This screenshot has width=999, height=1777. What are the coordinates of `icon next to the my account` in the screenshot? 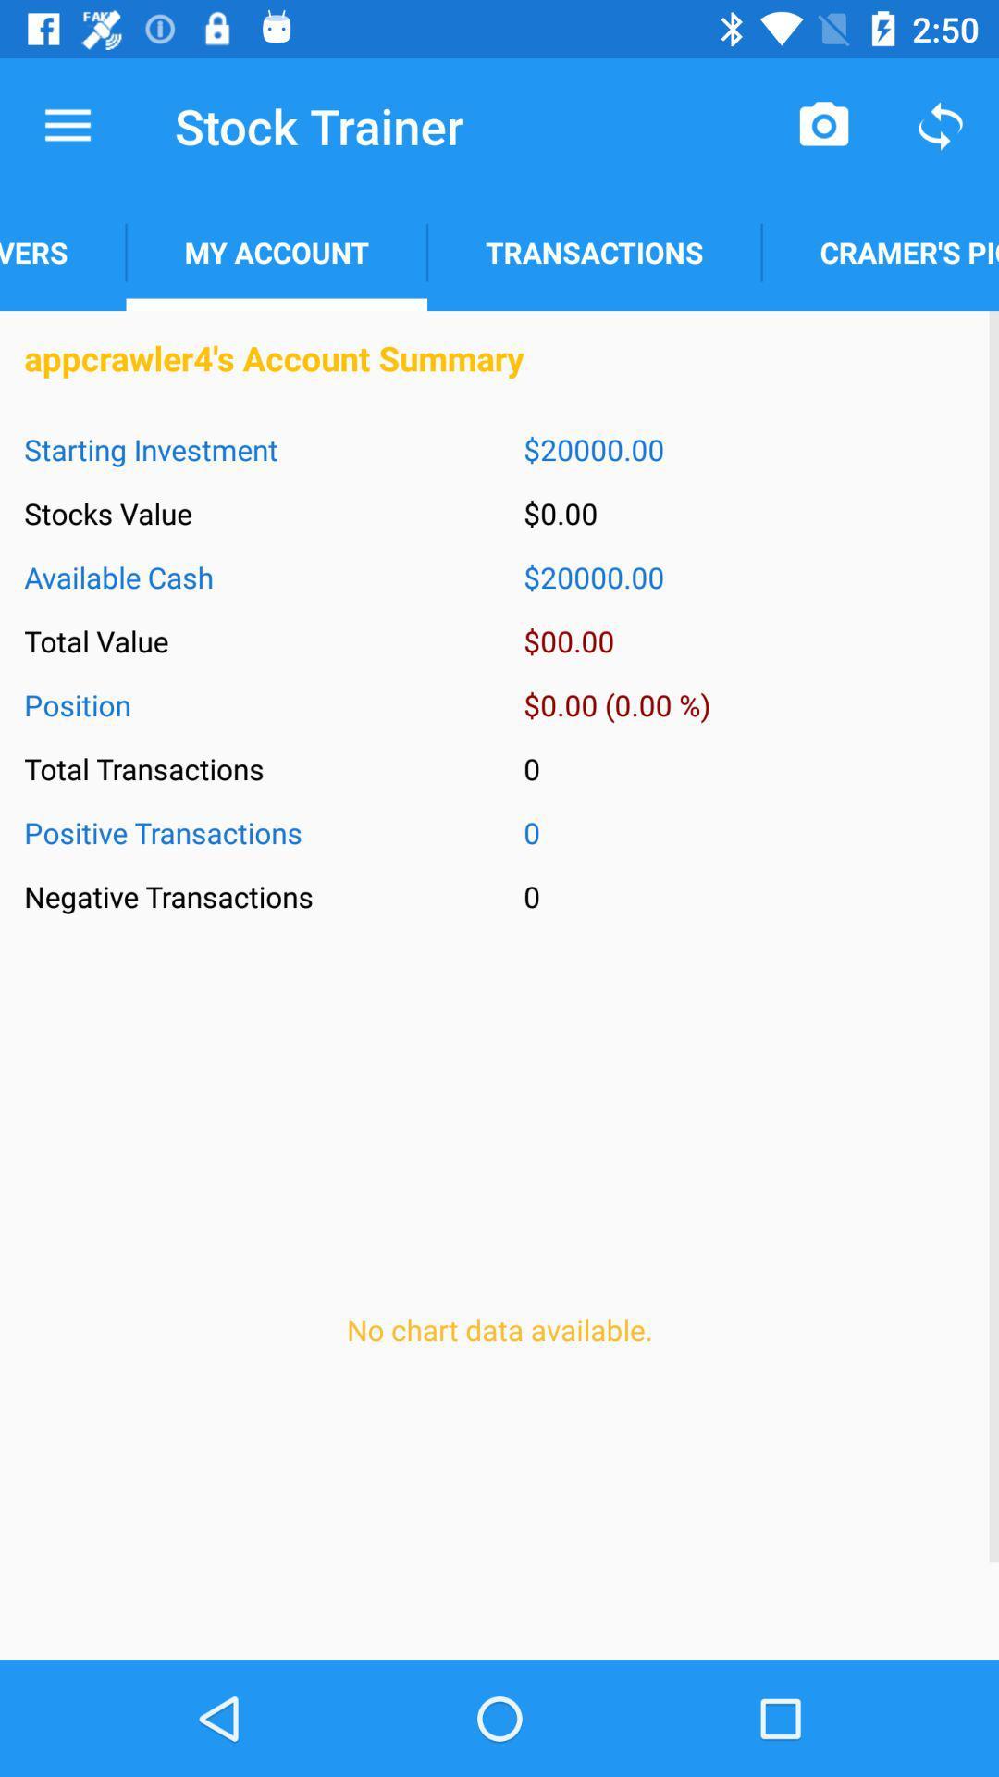 It's located at (62, 252).